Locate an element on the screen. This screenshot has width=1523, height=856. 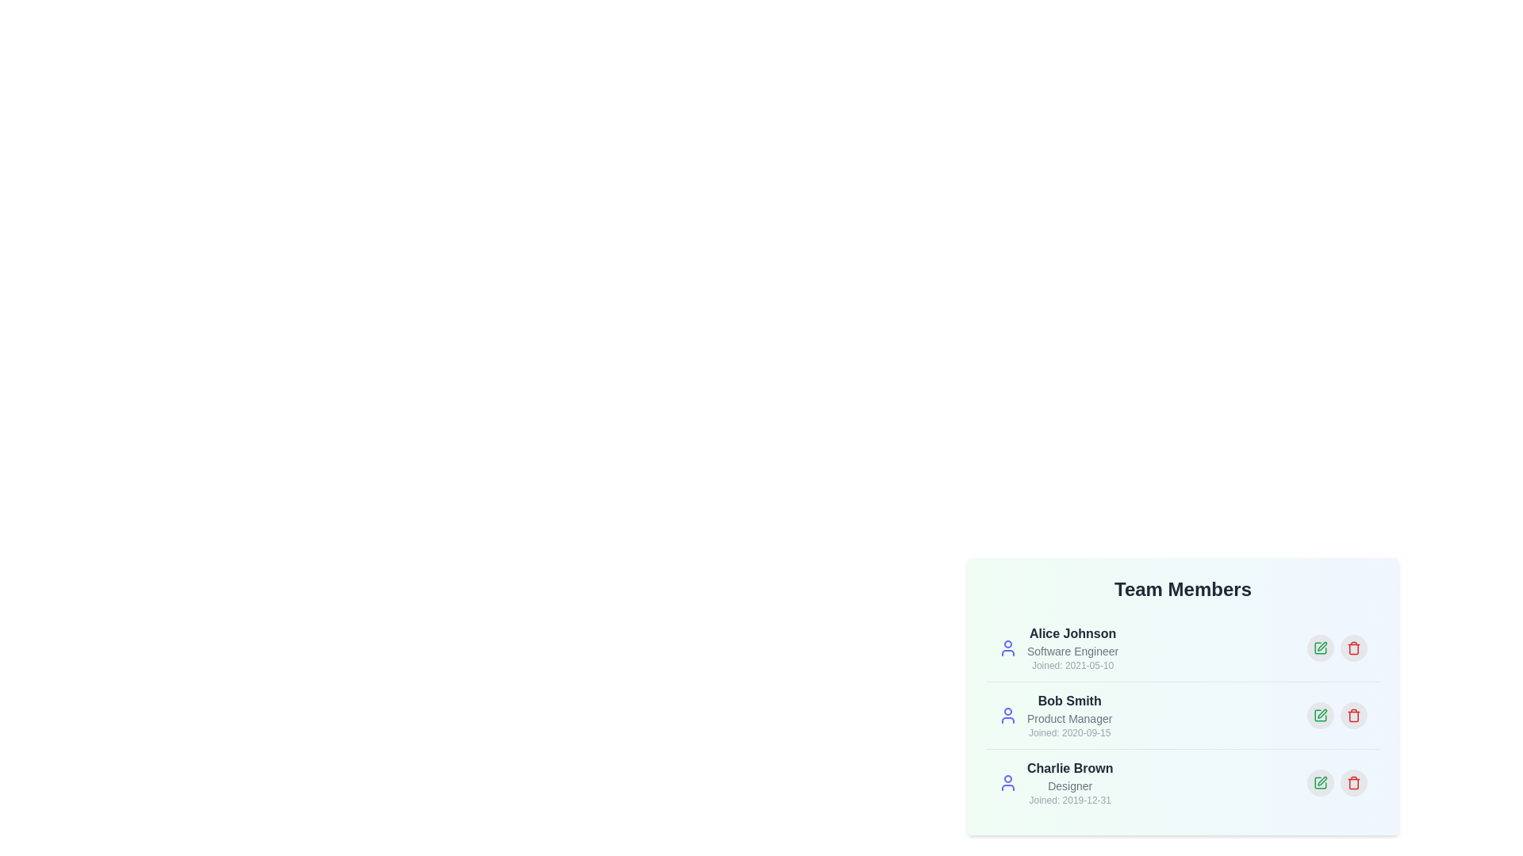
the profile of Bob Smith to highlight it is located at coordinates (1183, 715).